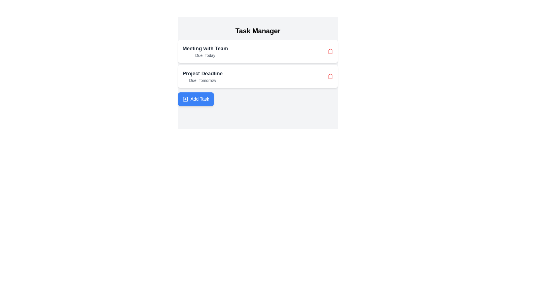  Describe the element at coordinates (205, 51) in the screenshot. I see `the first task card in the Task Manager labeled 'Meeting with Team'` at that location.